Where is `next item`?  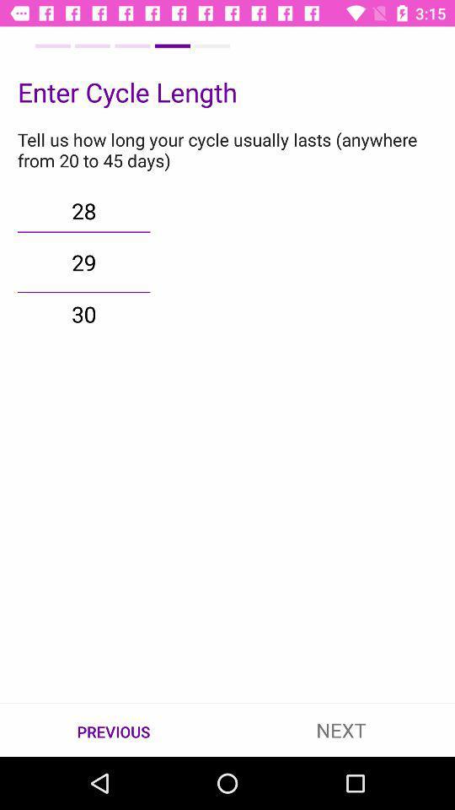 next item is located at coordinates (341, 729).